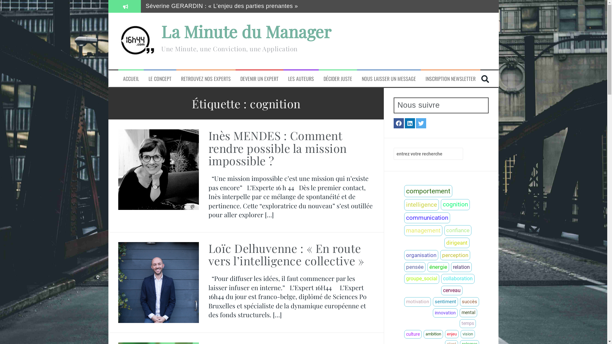 This screenshot has height=344, width=612. Describe the element at coordinates (456, 243) in the screenshot. I see `'dirigeant'` at that location.